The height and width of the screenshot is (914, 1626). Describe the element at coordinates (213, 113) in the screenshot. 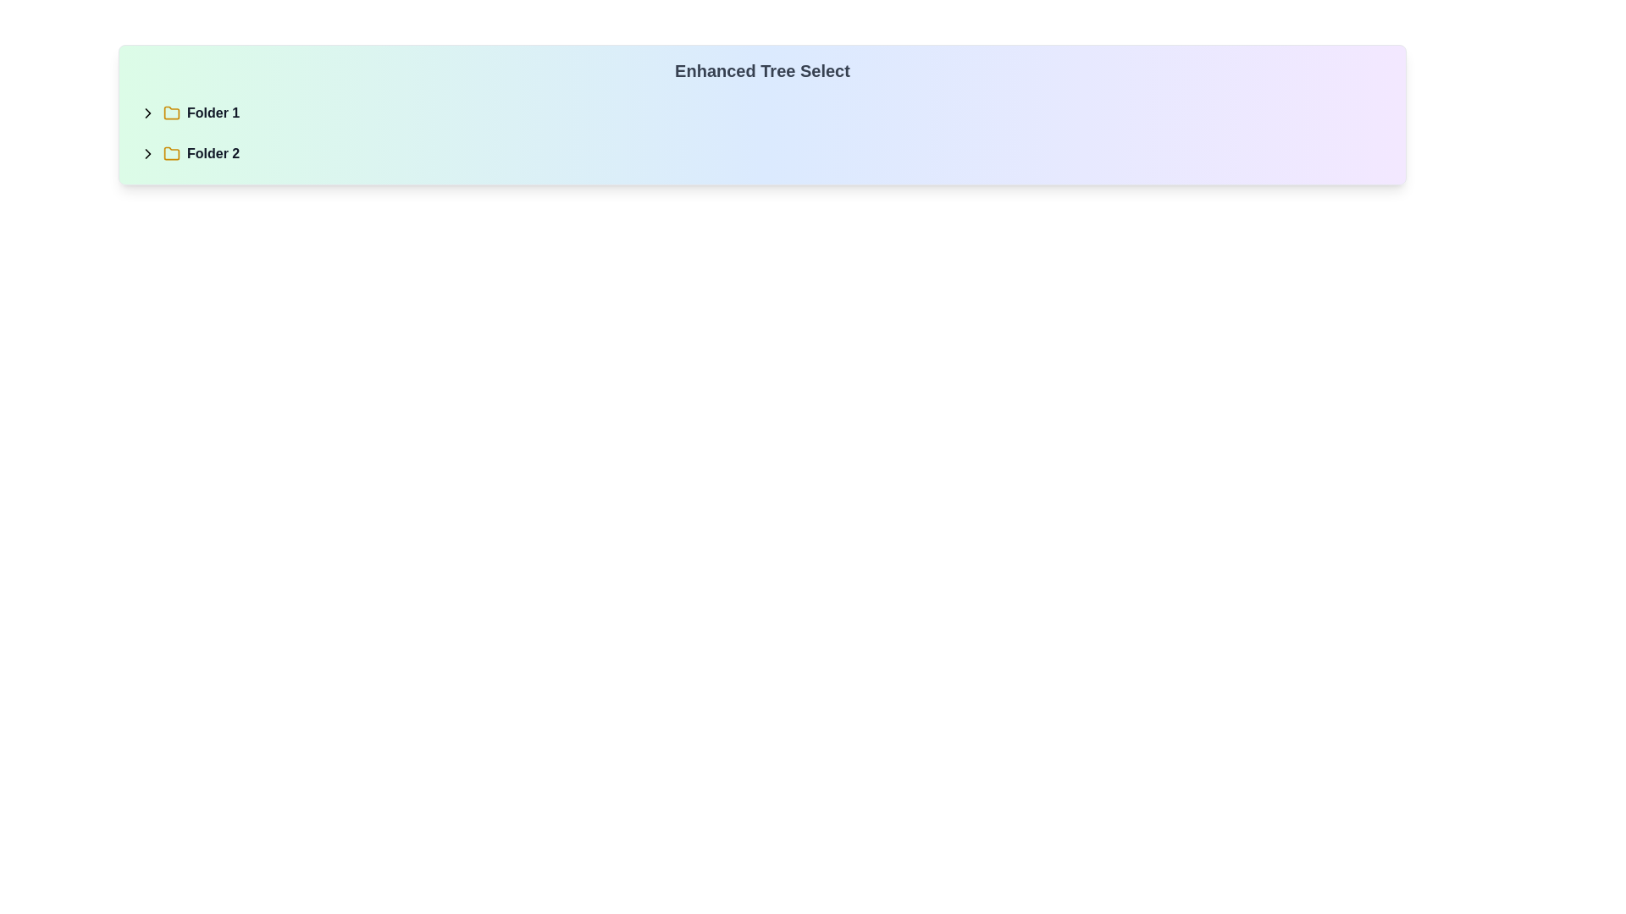

I see `the 'Folder 1' label in the first list item of the sidebar menu, which is styled in bold dark gray and adjacent to a folder icon` at that location.